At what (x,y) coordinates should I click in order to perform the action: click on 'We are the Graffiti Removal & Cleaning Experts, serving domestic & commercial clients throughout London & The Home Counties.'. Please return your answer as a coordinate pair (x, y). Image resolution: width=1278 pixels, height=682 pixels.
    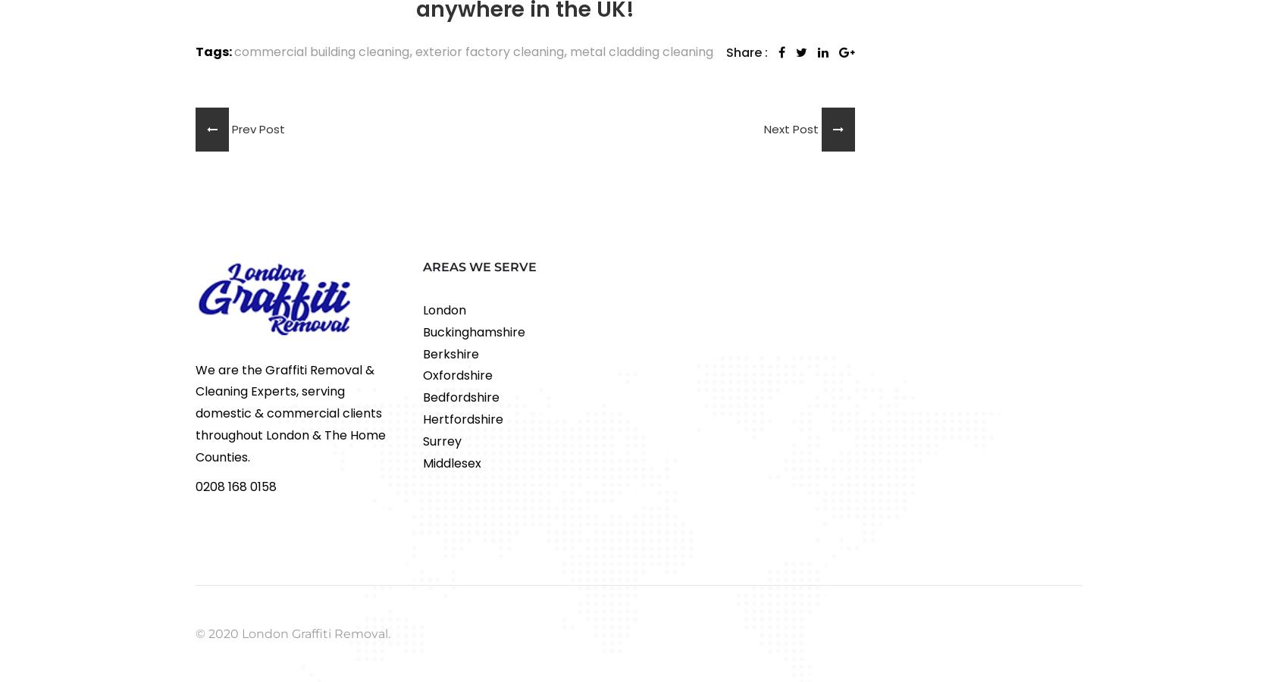
    Looking at the image, I should click on (195, 412).